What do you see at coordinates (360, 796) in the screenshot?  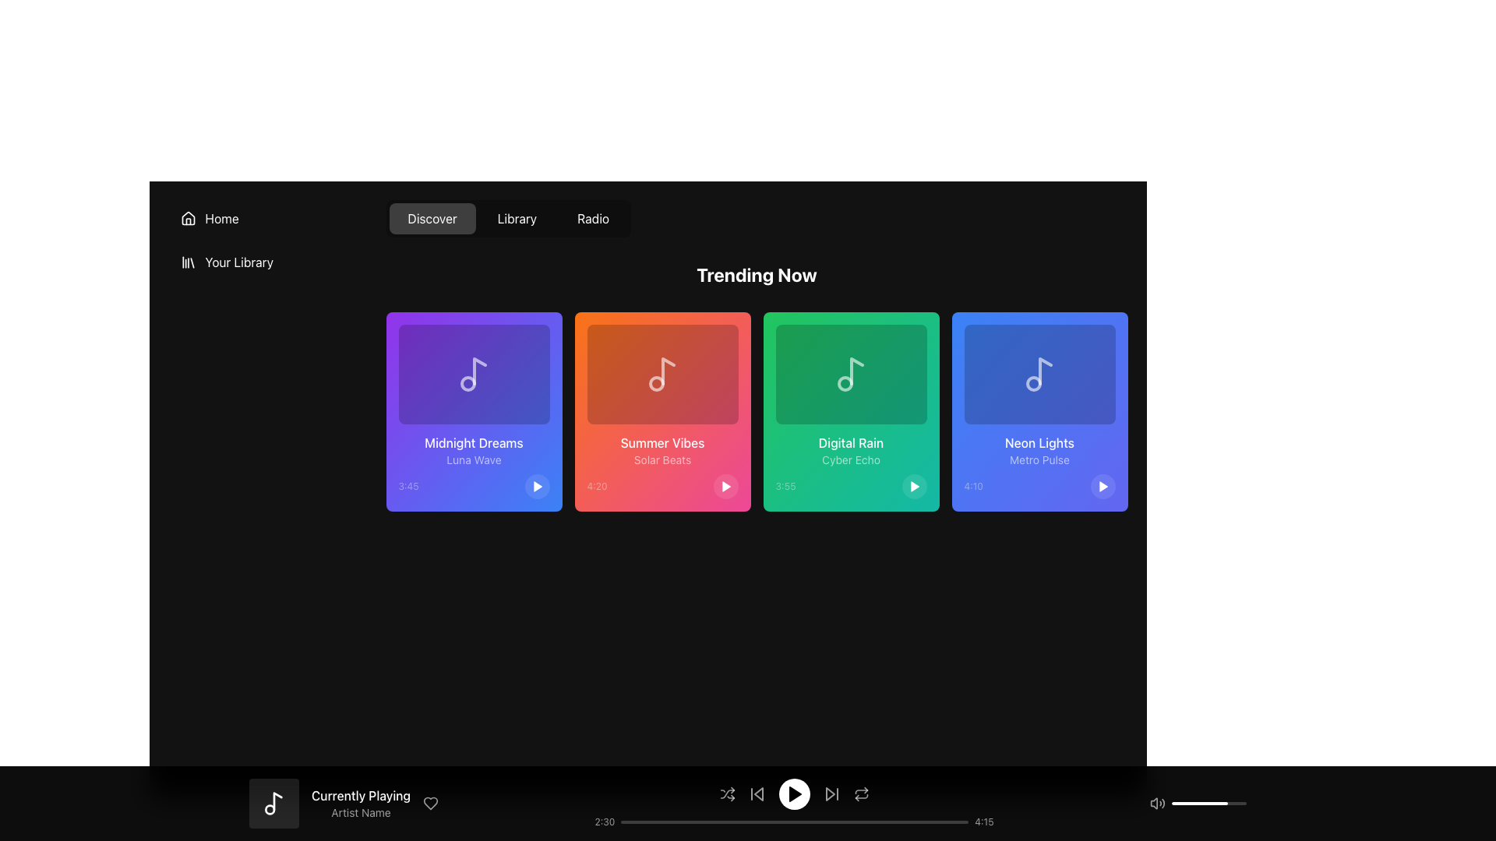 I see `the label indicating the state or title of the currently playing media, which is centrally positioned towards the left side of the bottom bar of the interface` at bounding box center [360, 796].